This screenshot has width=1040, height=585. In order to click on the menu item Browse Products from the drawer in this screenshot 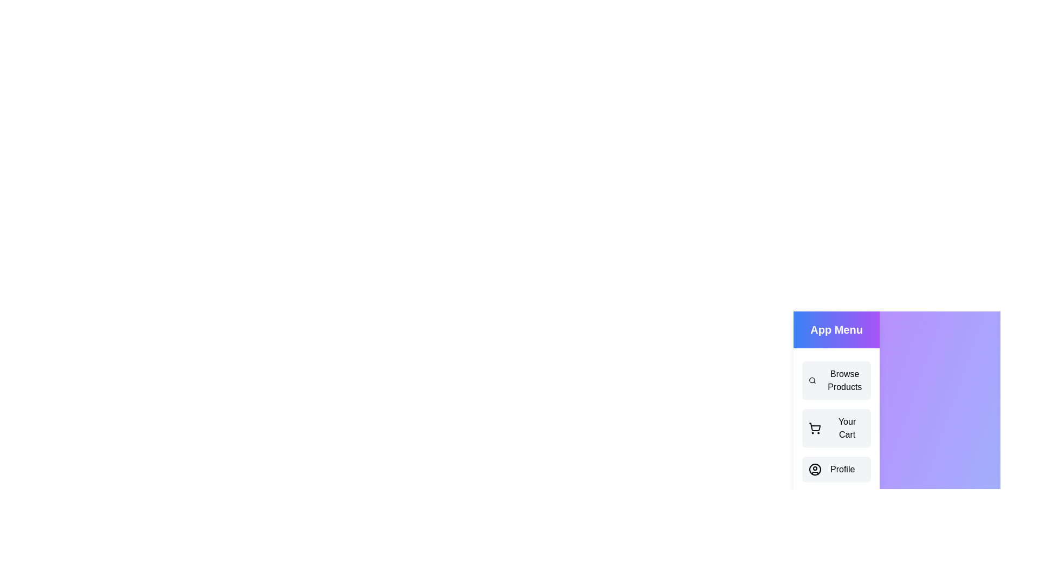, I will do `click(836, 380)`.